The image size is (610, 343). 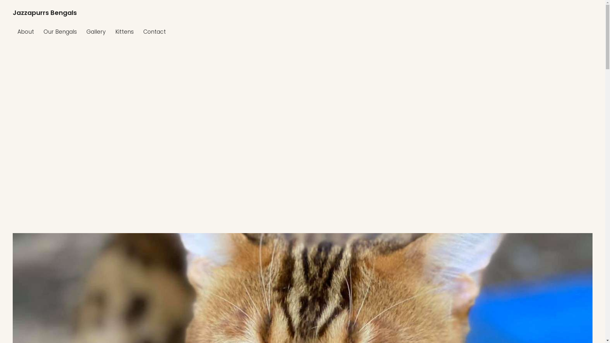 I want to click on 'About', so click(x=25, y=32).